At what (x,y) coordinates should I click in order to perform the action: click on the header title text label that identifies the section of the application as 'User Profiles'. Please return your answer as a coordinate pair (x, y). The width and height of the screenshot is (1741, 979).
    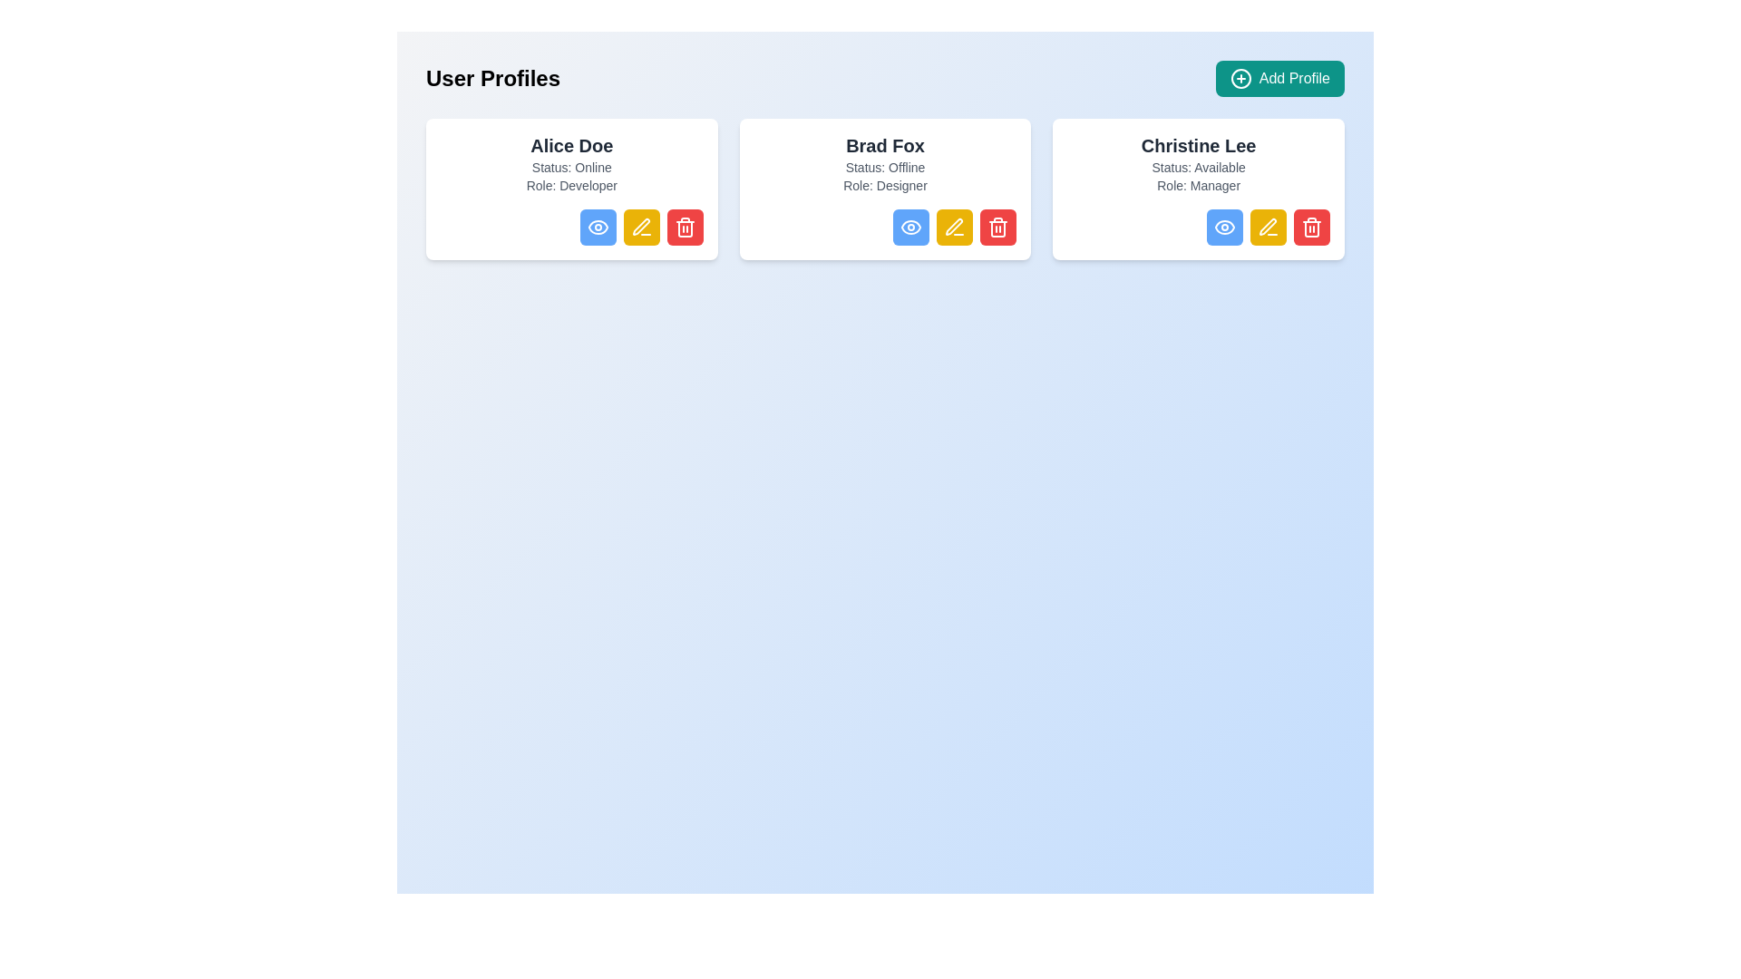
    Looking at the image, I should click on (493, 78).